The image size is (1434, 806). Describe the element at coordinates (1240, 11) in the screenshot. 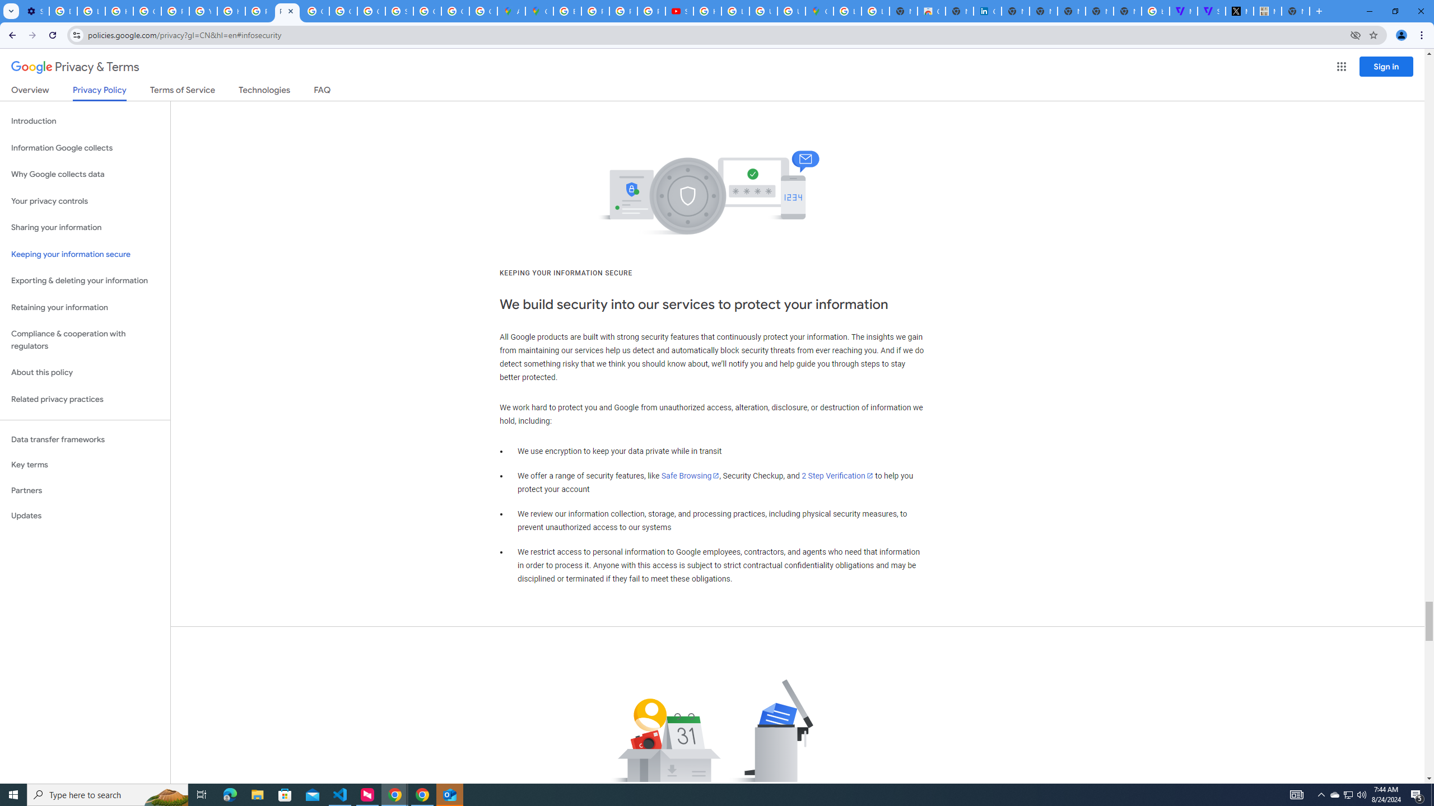

I see `'Miley Cyrus (@MileyCyrus) / X'` at that location.